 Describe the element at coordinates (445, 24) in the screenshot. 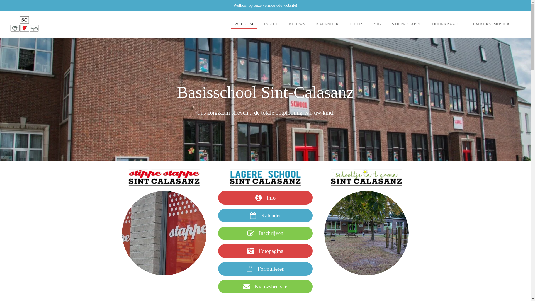

I see `'OUDERRAAD'` at that location.